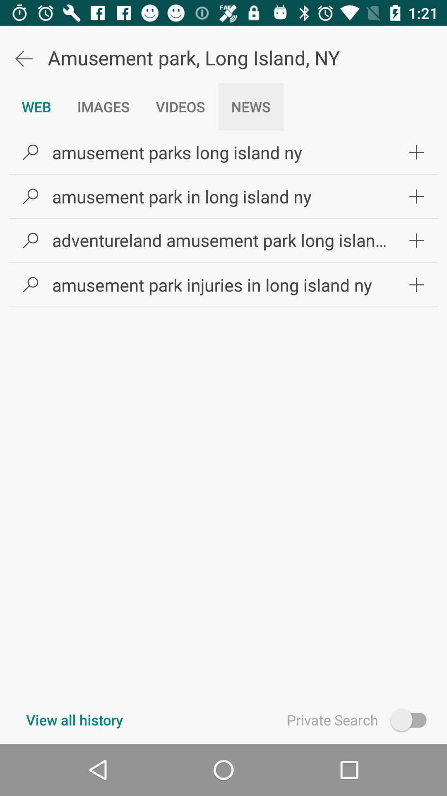 The image size is (447, 796). What do you see at coordinates (416, 284) in the screenshot?
I see `icon on the right` at bounding box center [416, 284].